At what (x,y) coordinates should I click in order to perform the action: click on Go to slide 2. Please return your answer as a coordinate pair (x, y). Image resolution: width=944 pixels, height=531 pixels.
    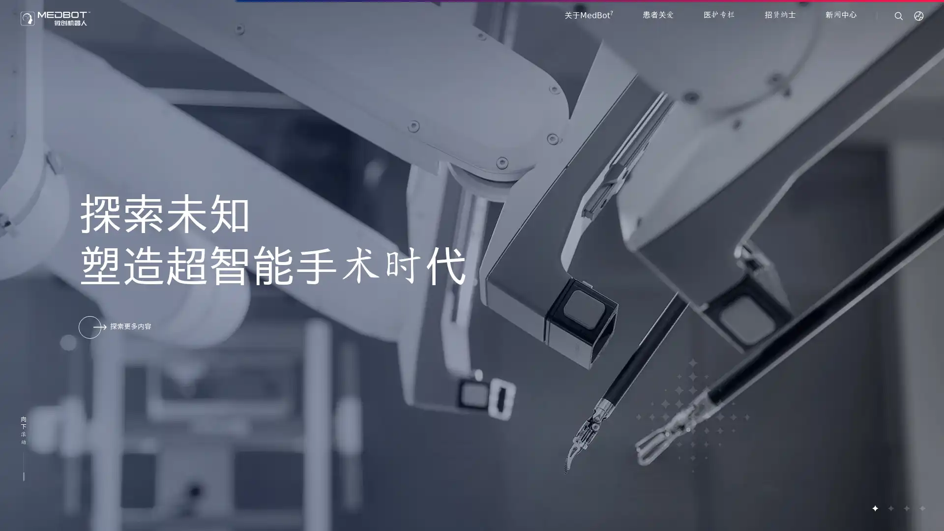
    Looking at the image, I should click on (890, 508).